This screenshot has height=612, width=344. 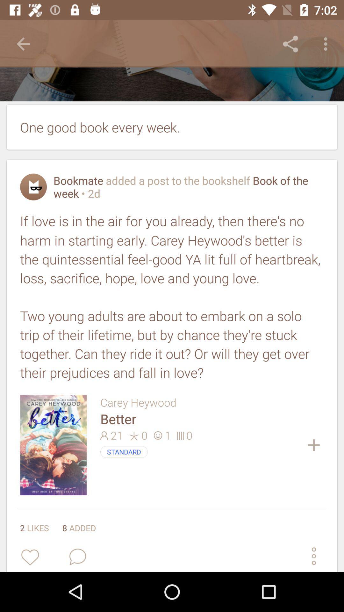 I want to click on the share button, so click(x=290, y=44).